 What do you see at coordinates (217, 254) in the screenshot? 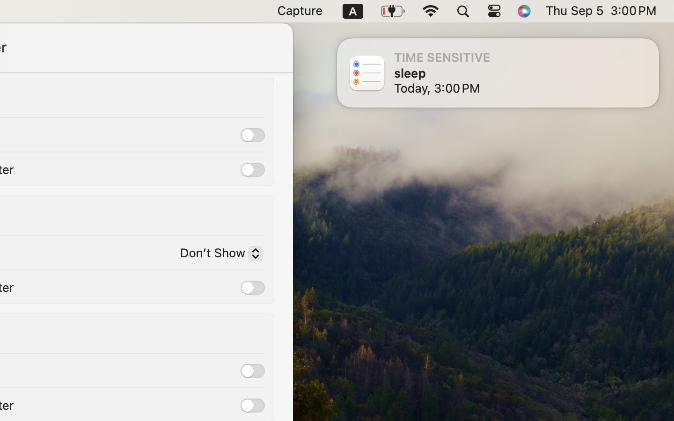
I see `'Don’t Show'` at bounding box center [217, 254].